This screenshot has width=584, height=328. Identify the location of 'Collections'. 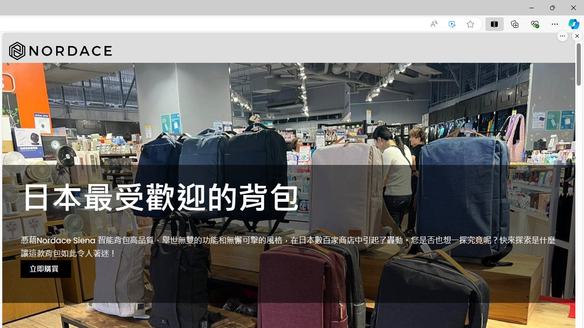
(515, 23).